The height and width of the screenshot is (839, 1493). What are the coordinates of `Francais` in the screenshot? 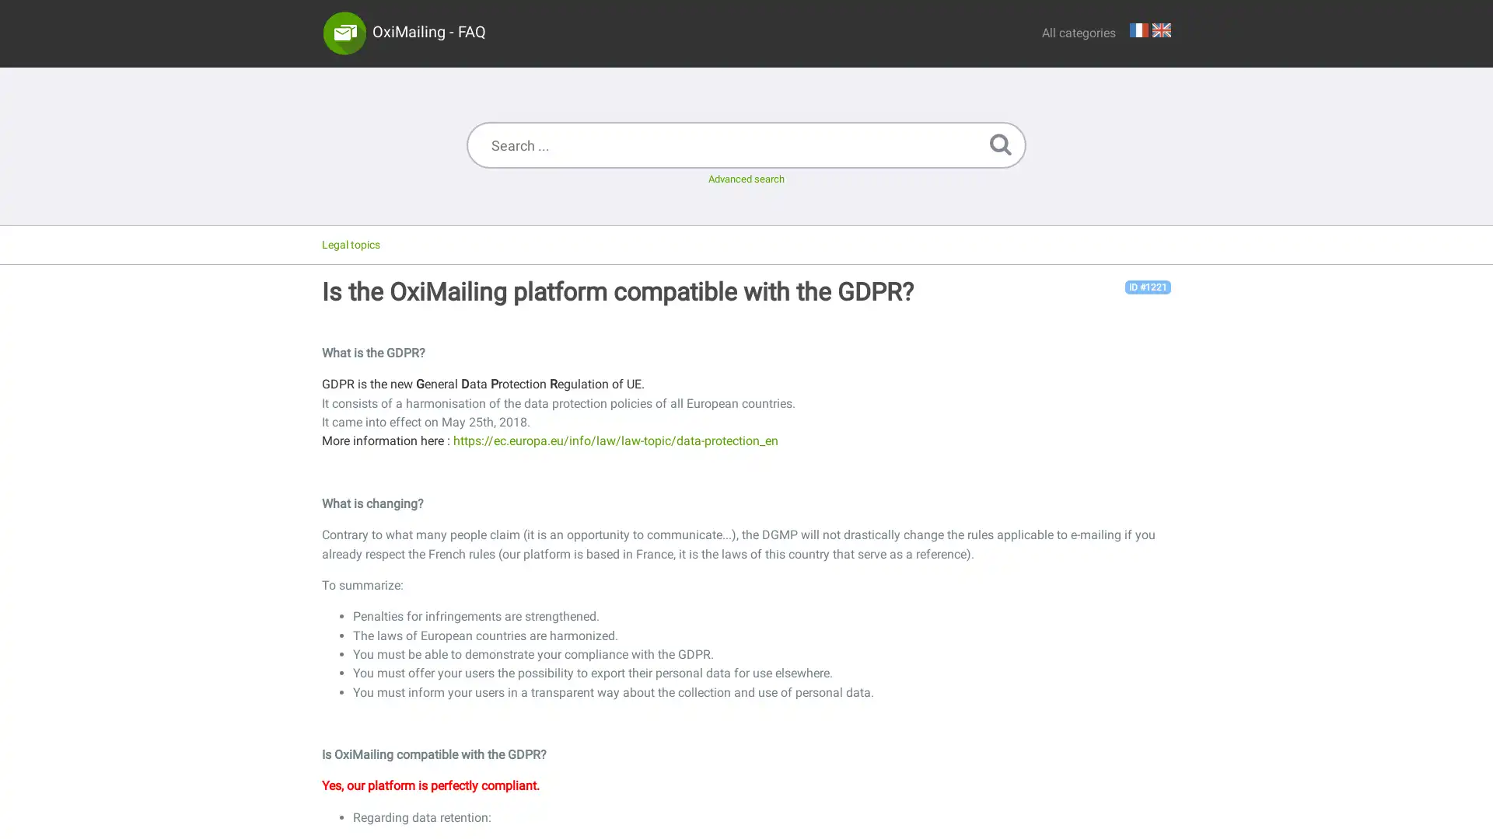 It's located at (1138, 30).